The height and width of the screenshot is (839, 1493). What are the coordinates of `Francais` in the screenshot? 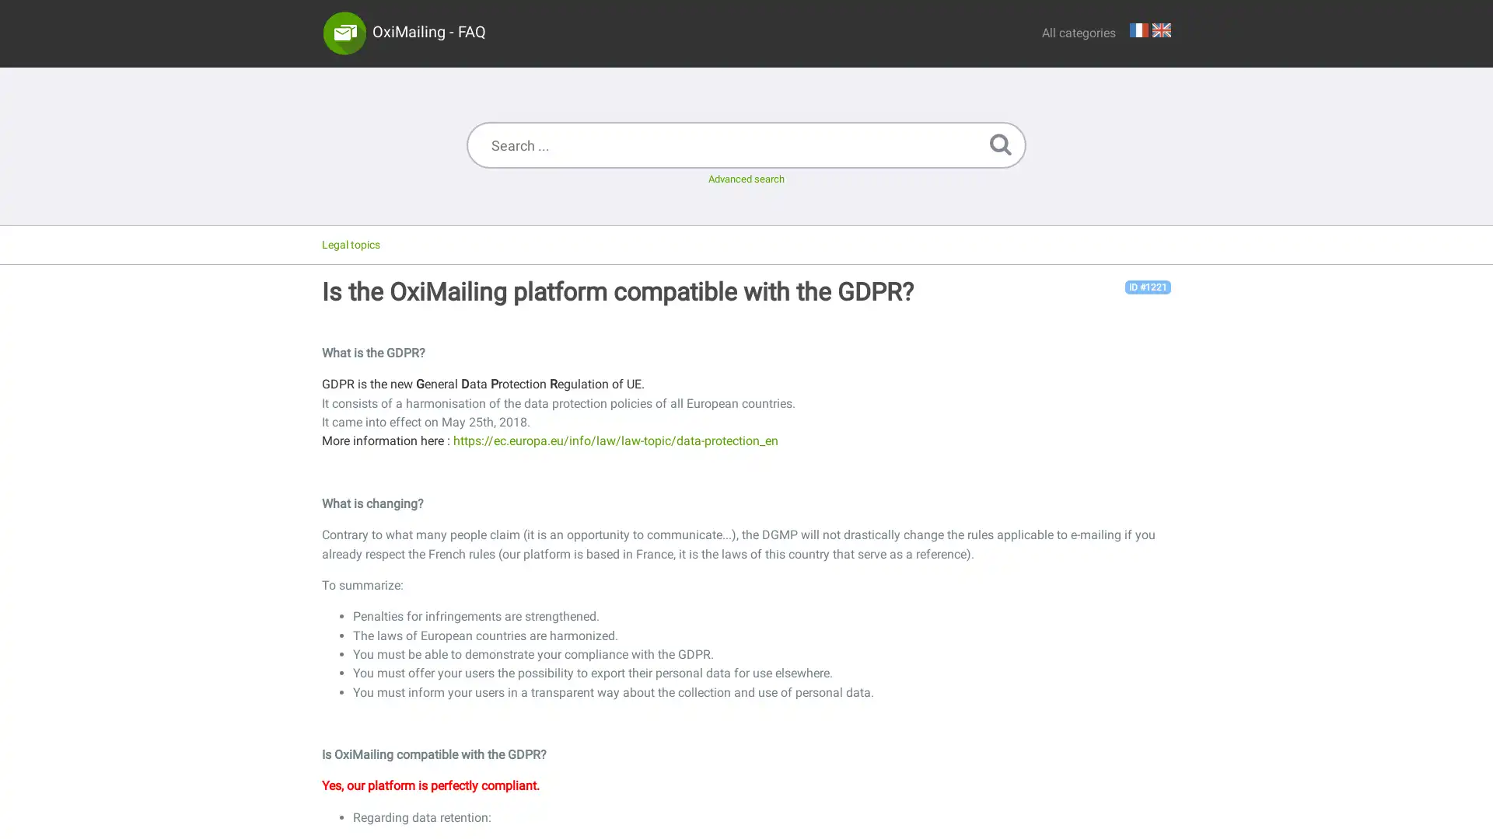 It's located at (1138, 30).